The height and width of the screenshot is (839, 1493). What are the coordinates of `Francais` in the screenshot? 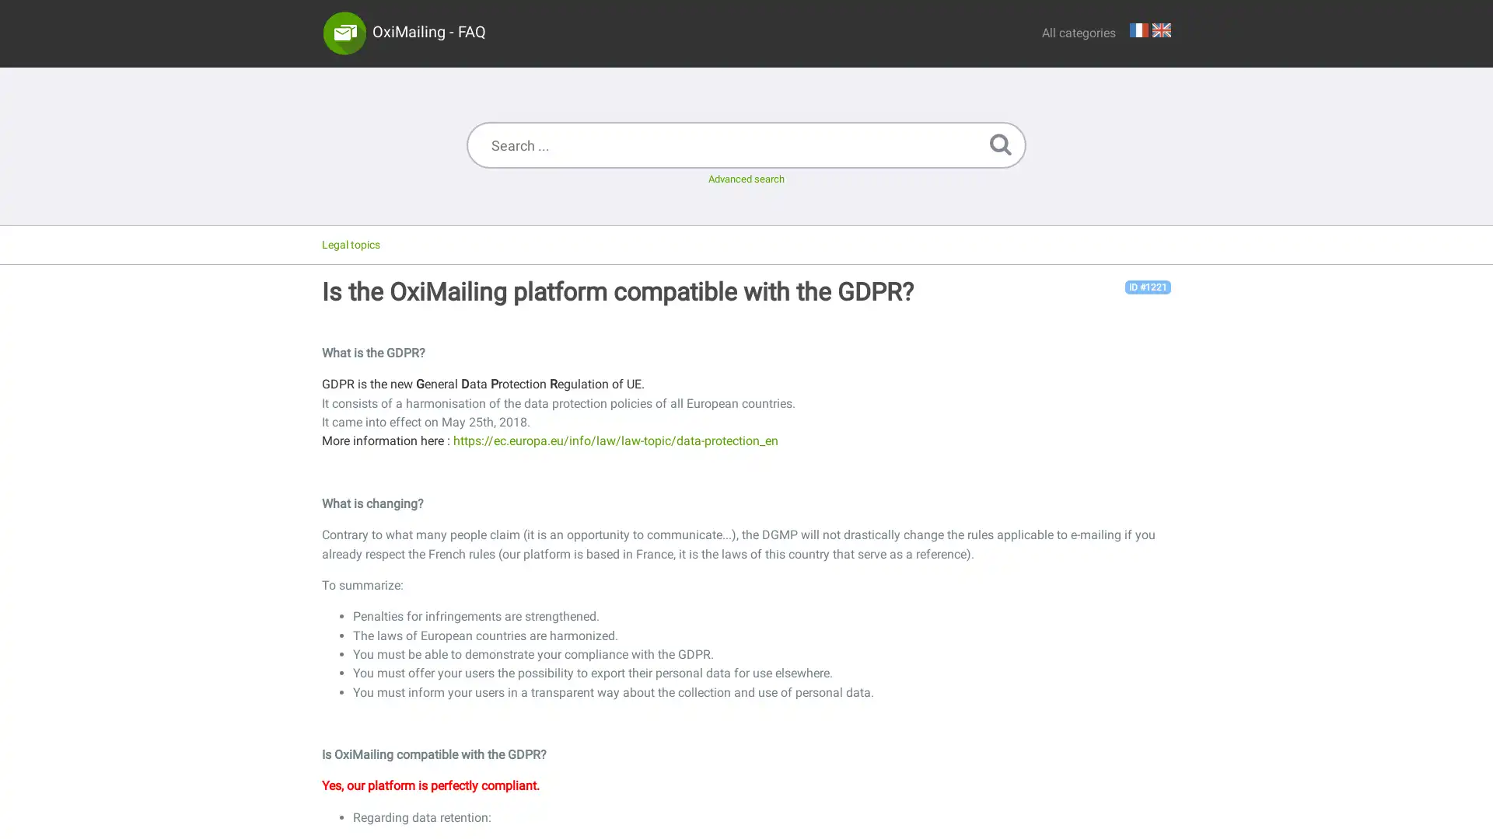 It's located at (1138, 30).